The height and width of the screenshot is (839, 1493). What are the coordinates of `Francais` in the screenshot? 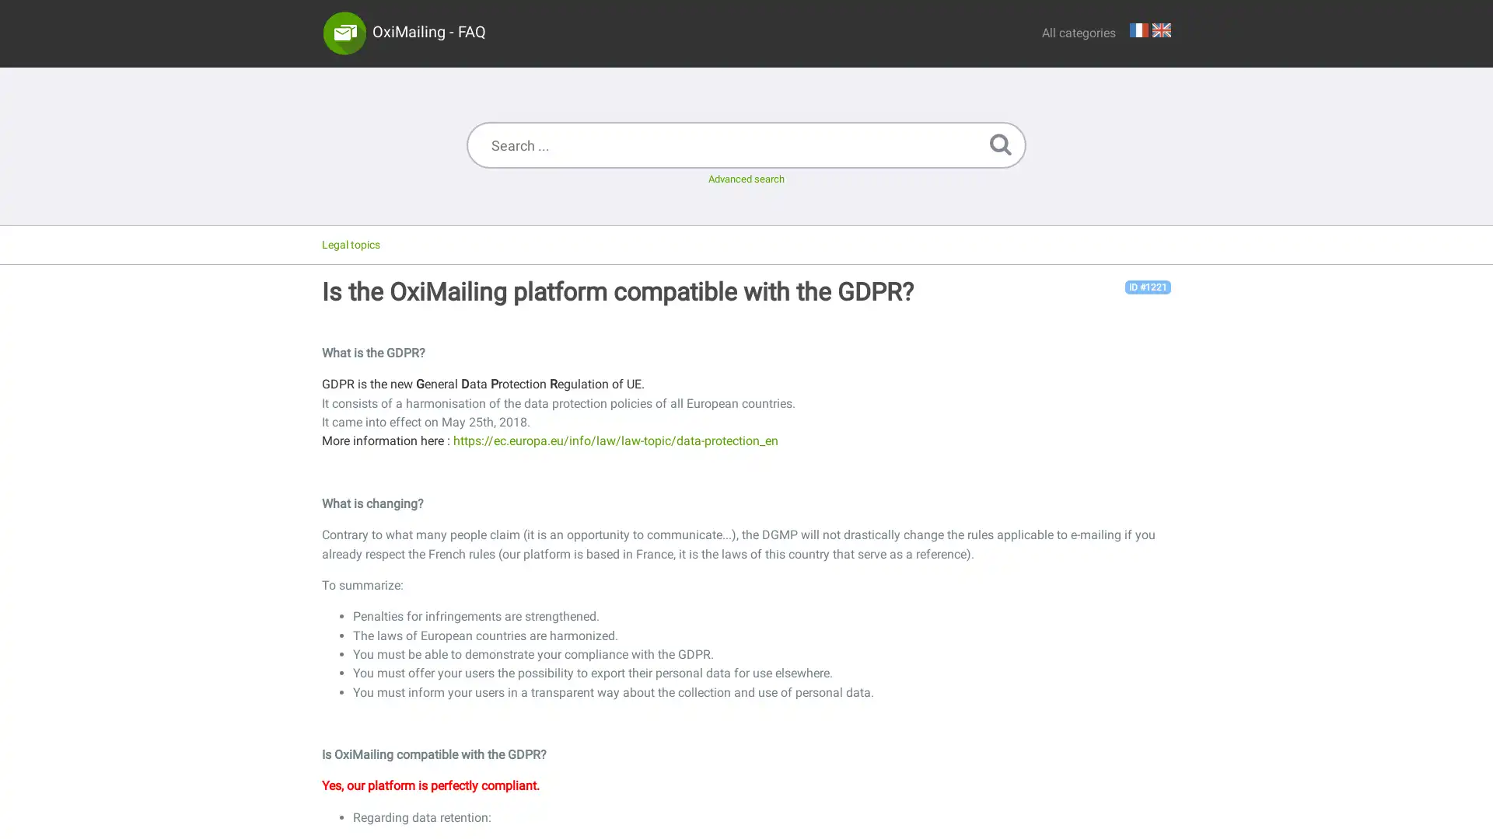 It's located at (1138, 30).